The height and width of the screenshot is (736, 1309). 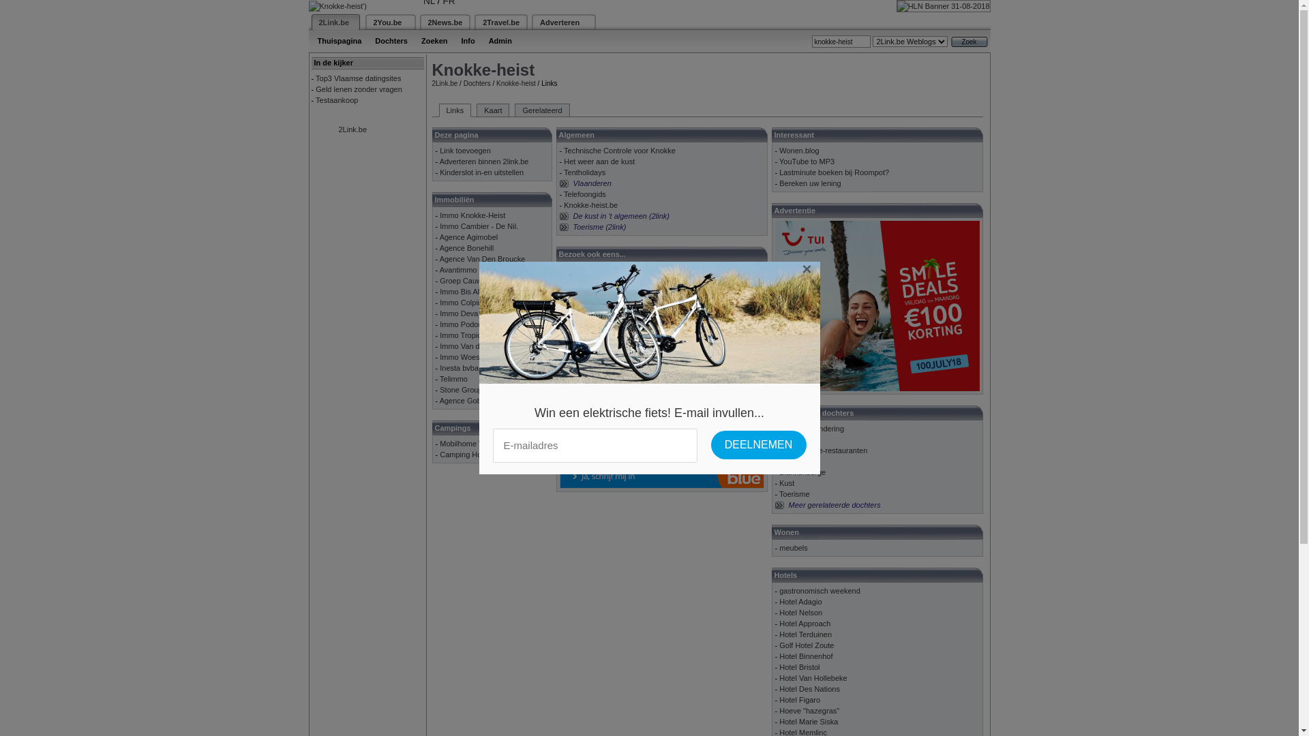 I want to click on 'Admin', so click(x=500, y=40).